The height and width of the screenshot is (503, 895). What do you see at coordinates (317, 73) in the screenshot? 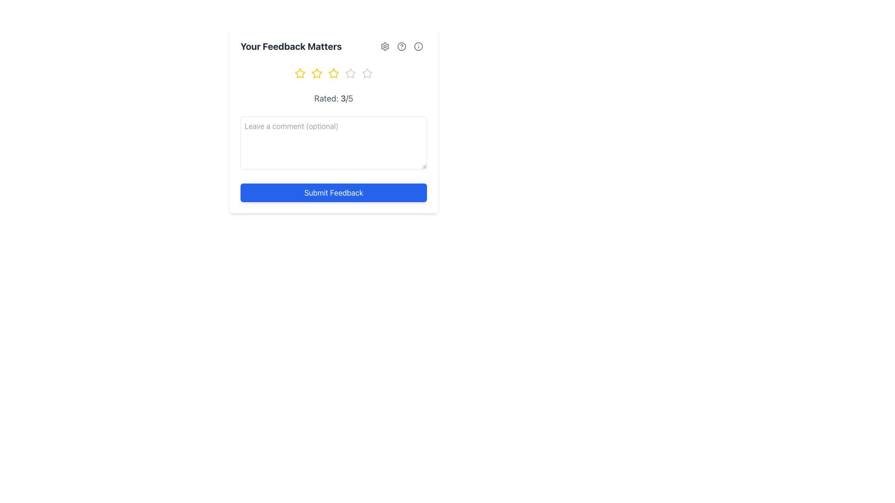
I see `the second Rating Star Icon, which has a yellow outline and is part of a rating component` at bounding box center [317, 73].